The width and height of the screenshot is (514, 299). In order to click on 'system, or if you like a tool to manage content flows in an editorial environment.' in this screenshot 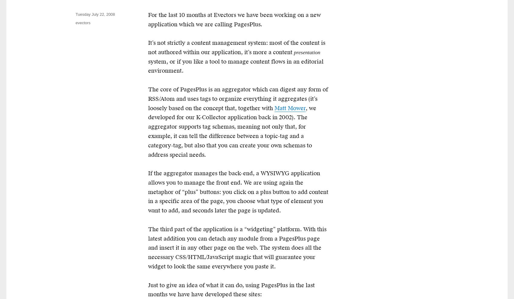, I will do `click(148, 66)`.